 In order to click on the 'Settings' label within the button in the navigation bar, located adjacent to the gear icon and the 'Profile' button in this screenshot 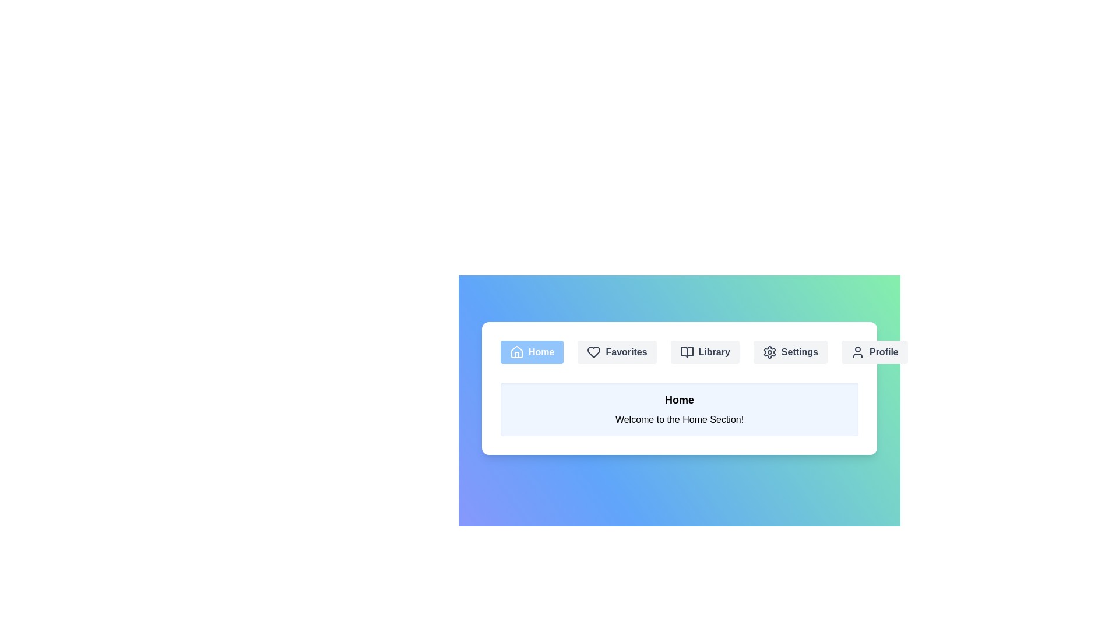, I will do `click(799, 352)`.